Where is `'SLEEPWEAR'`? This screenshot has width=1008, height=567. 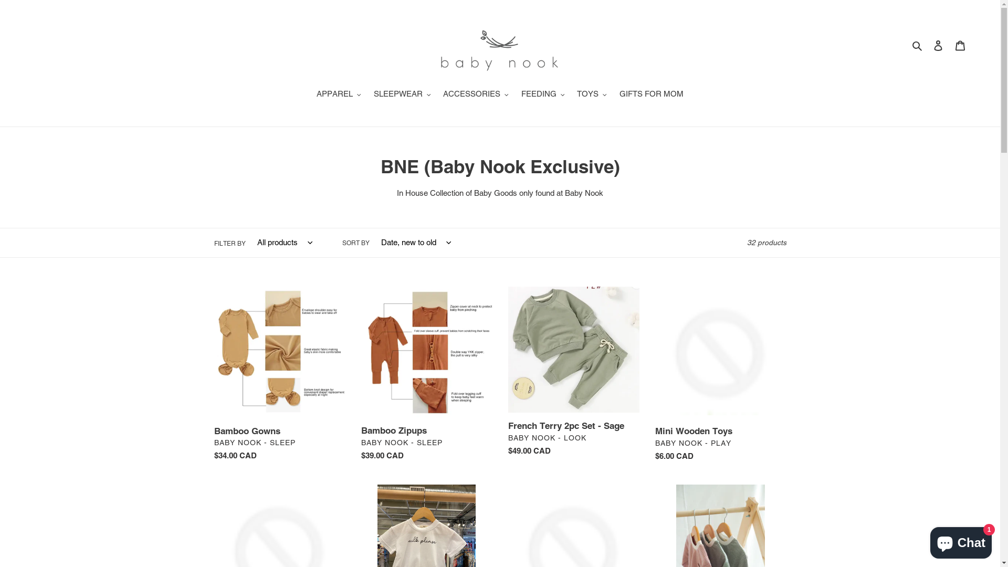 'SLEEPWEAR' is located at coordinates (402, 95).